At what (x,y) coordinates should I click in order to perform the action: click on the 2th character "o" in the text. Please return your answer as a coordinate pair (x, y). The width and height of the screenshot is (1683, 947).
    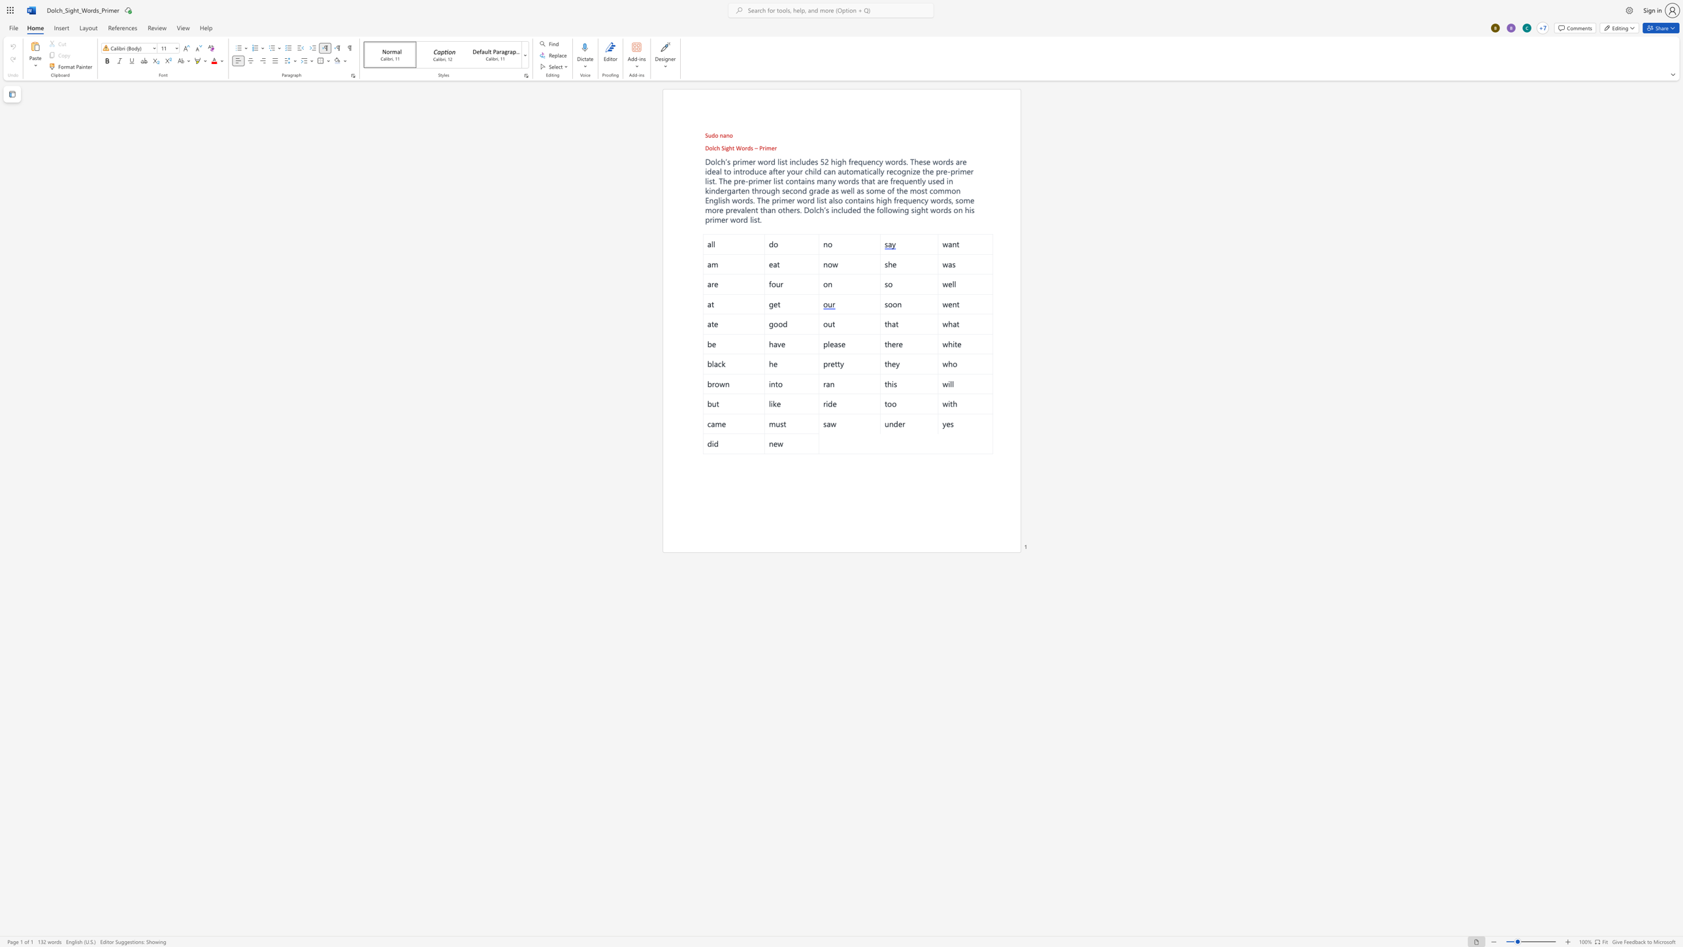
    Looking at the image, I should click on (743, 148).